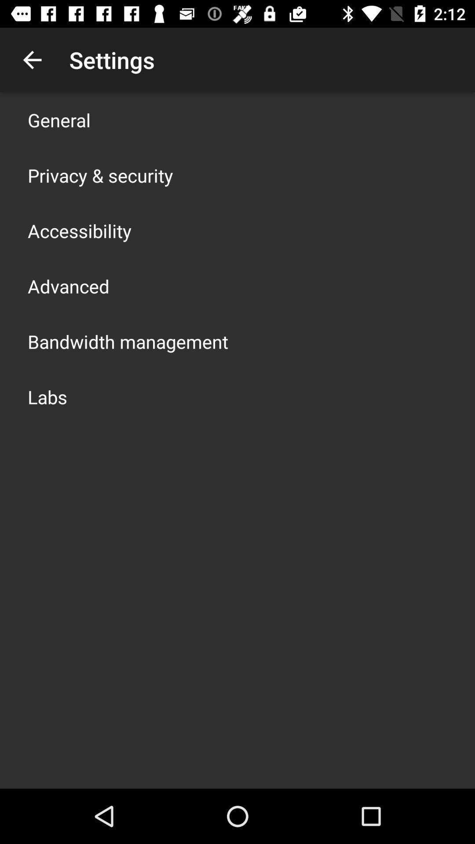  I want to click on the privacy & security item, so click(100, 175).